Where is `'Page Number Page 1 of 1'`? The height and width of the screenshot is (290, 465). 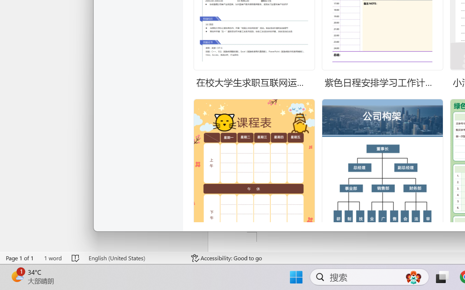 'Page Number Page 1 of 1' is located at coordinates (20, 258).